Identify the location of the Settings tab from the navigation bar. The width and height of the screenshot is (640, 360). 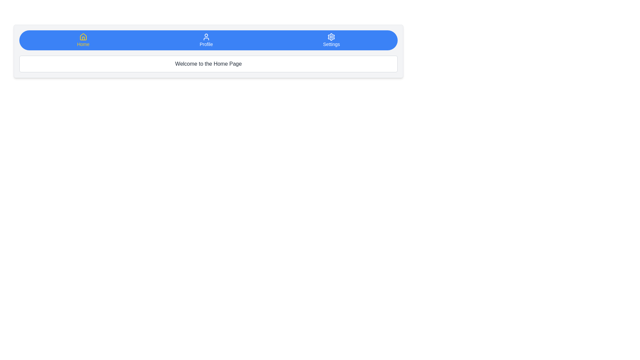
(331, 40).